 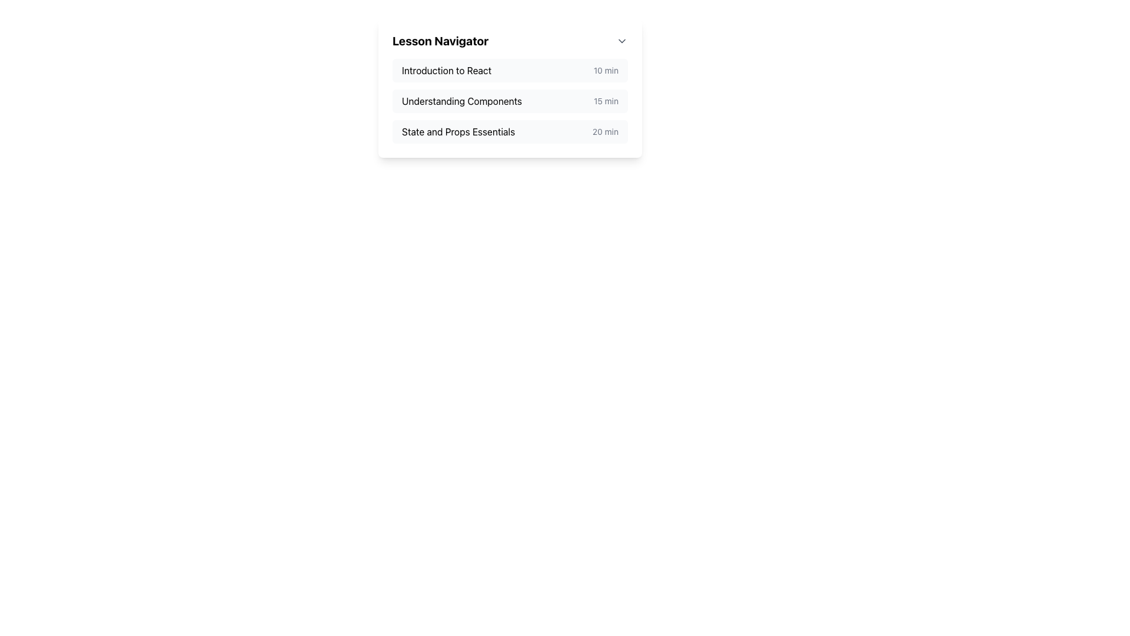 I want to click on the third List item in the vertical list under the 'Lesson Navigator' header, which contains the text 'State and Props Essentials' and '20 min', so click(x=510, y=131).